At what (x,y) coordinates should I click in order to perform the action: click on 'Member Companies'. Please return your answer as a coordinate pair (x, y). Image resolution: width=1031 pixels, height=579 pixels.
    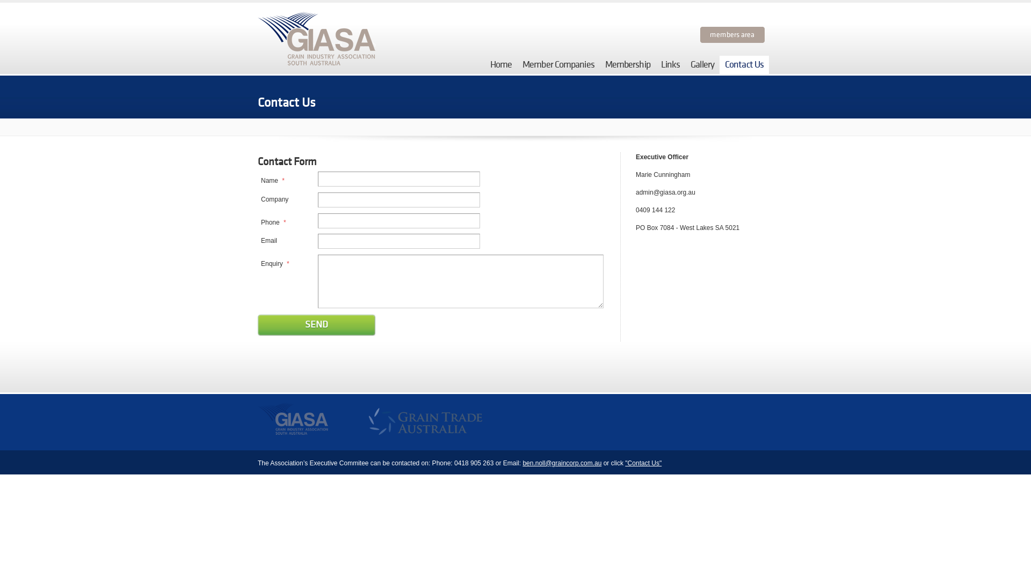
    Looking at the image, I should click on (558, 64).